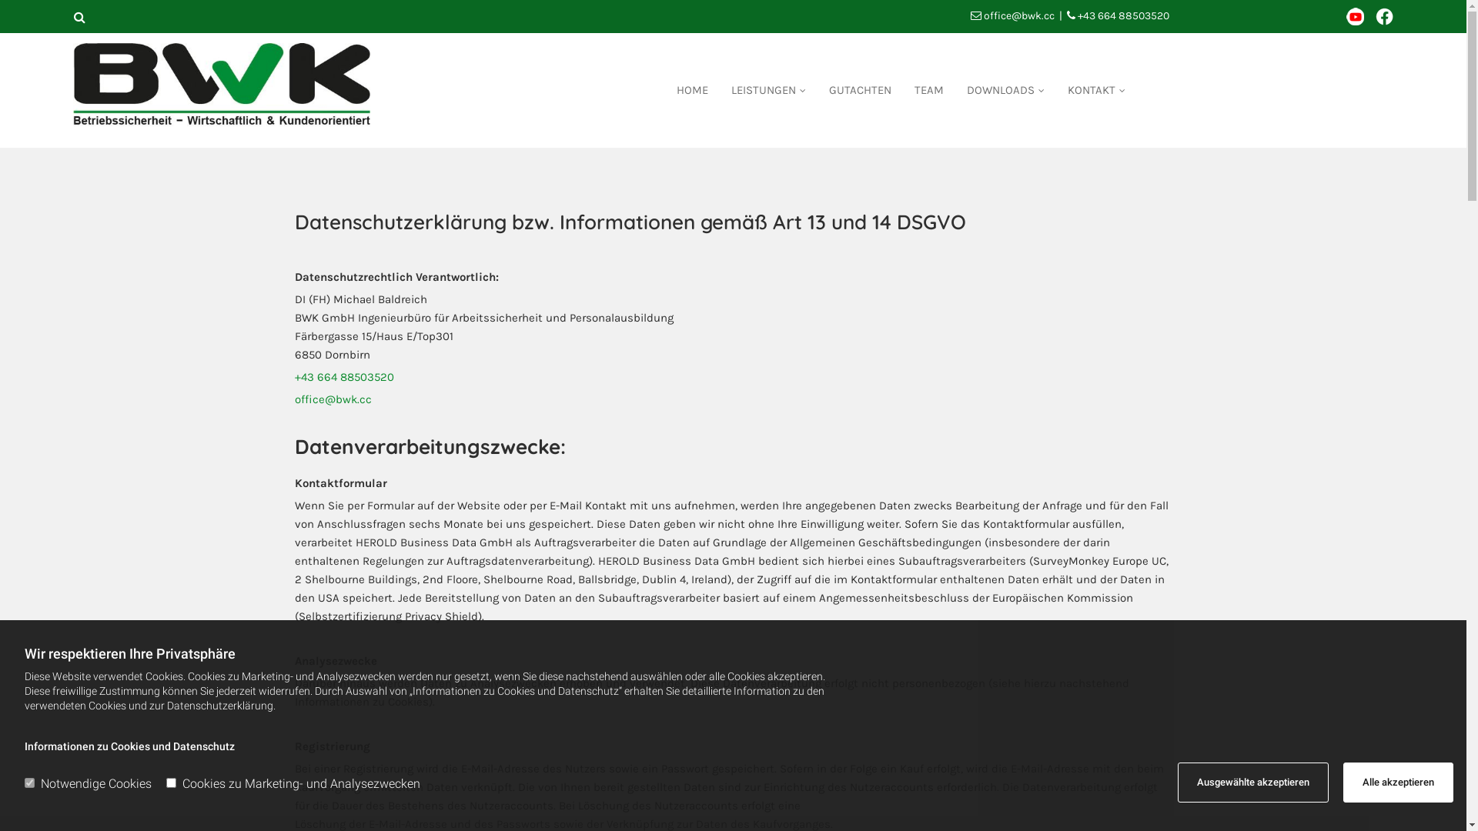 The image size is (1478, 831). Describe the element at coordinates (1005, 89) in the screenshot. I see `'DOWNLOADS'` at that location.